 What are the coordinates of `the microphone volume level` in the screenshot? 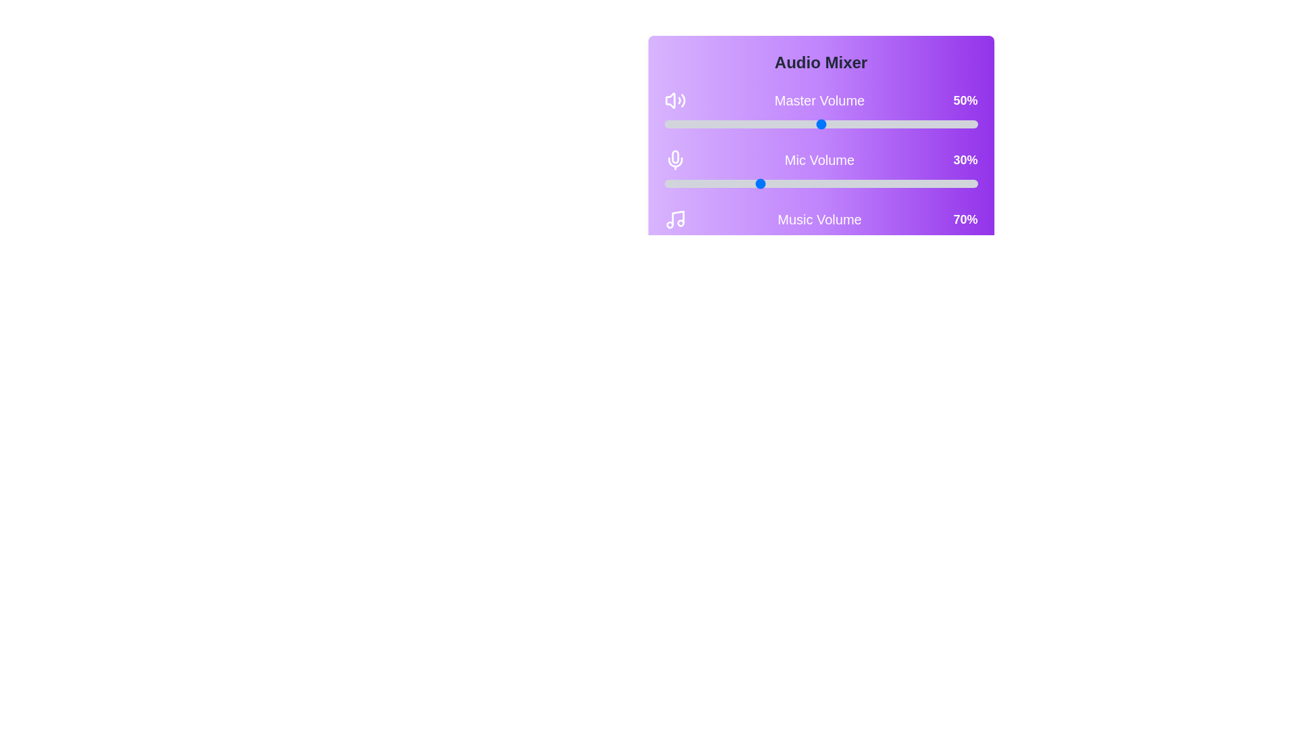 It's located at (736, 184).